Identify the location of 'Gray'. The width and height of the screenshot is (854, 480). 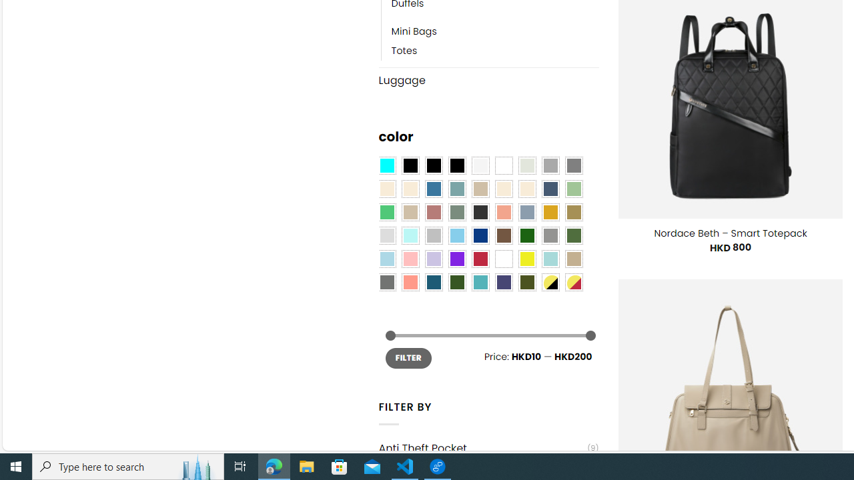
(550, 235).